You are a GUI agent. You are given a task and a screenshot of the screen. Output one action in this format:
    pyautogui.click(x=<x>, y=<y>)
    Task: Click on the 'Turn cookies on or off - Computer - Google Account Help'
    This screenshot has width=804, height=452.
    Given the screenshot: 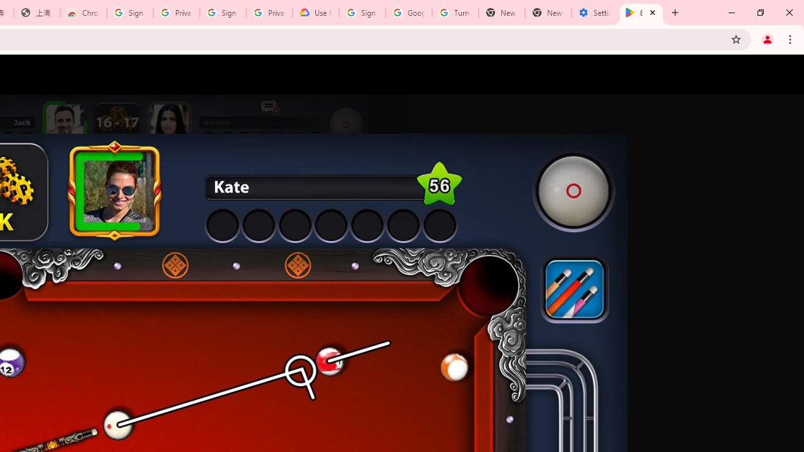 What is the action you would take?
    pyautogui.click(x=454, y=13)
    